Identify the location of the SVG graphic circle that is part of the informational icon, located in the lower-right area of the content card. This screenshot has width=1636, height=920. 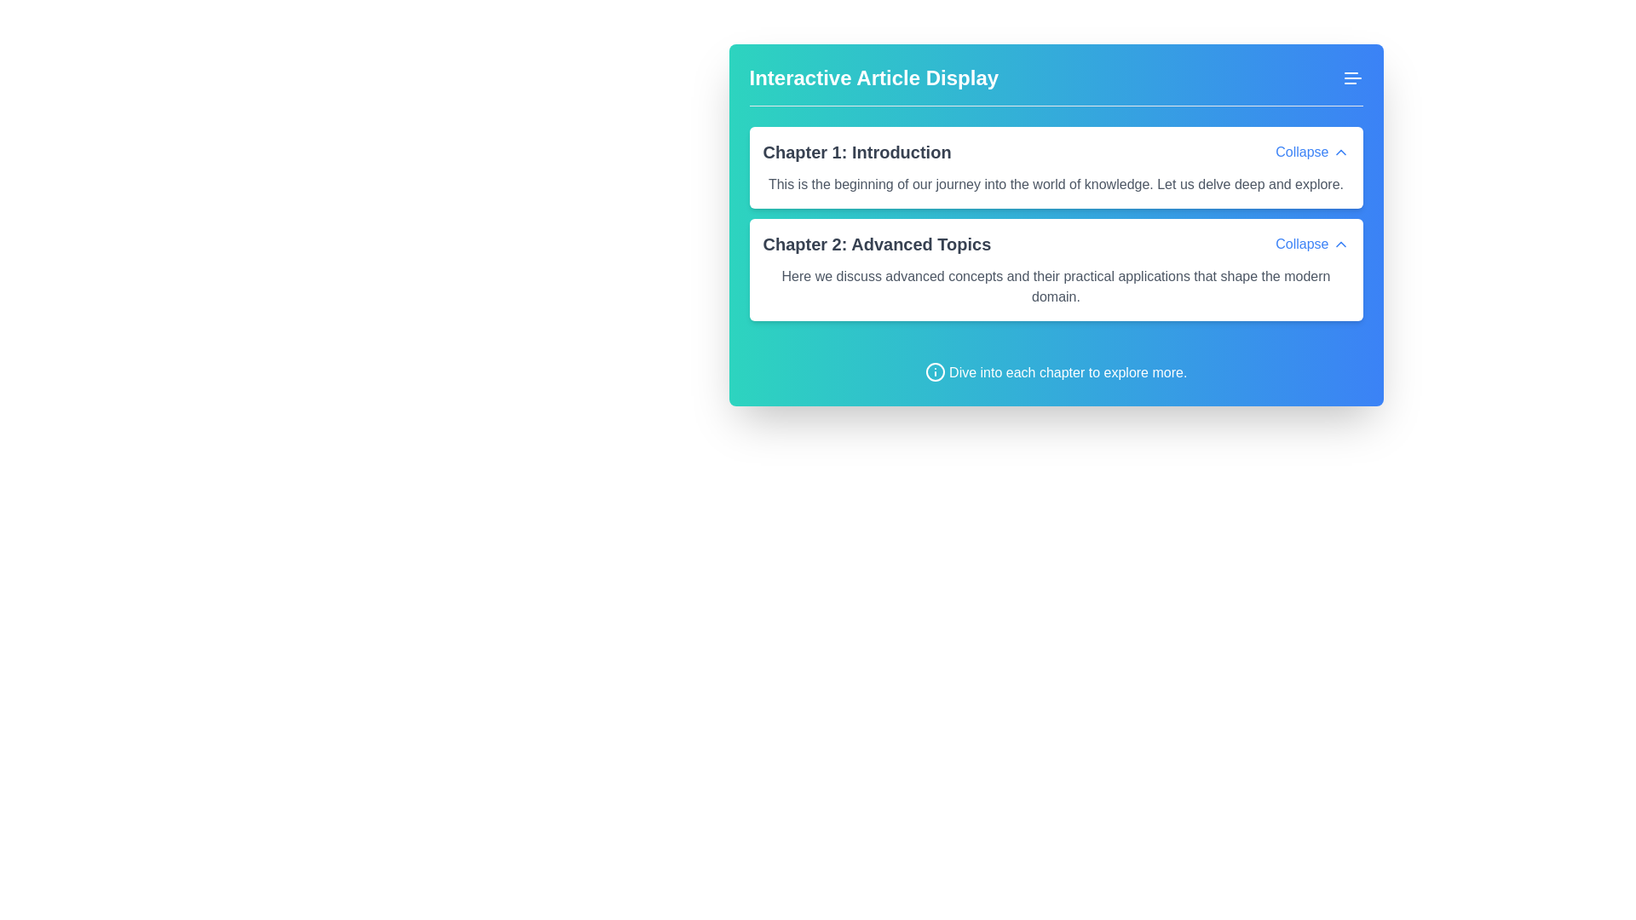
(934, 371).